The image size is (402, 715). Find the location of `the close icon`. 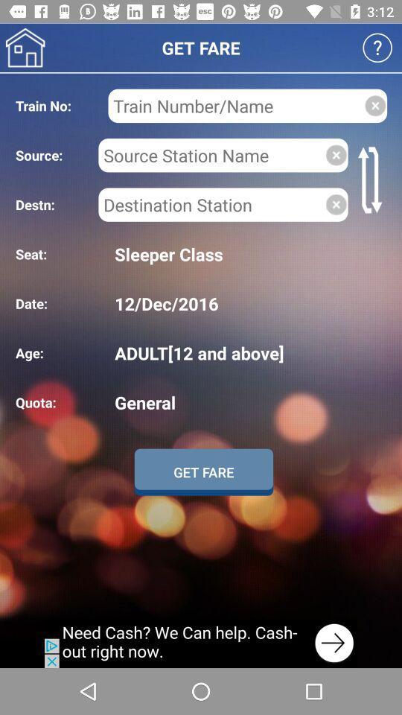

the close icon is located at coordinates (374, 105).